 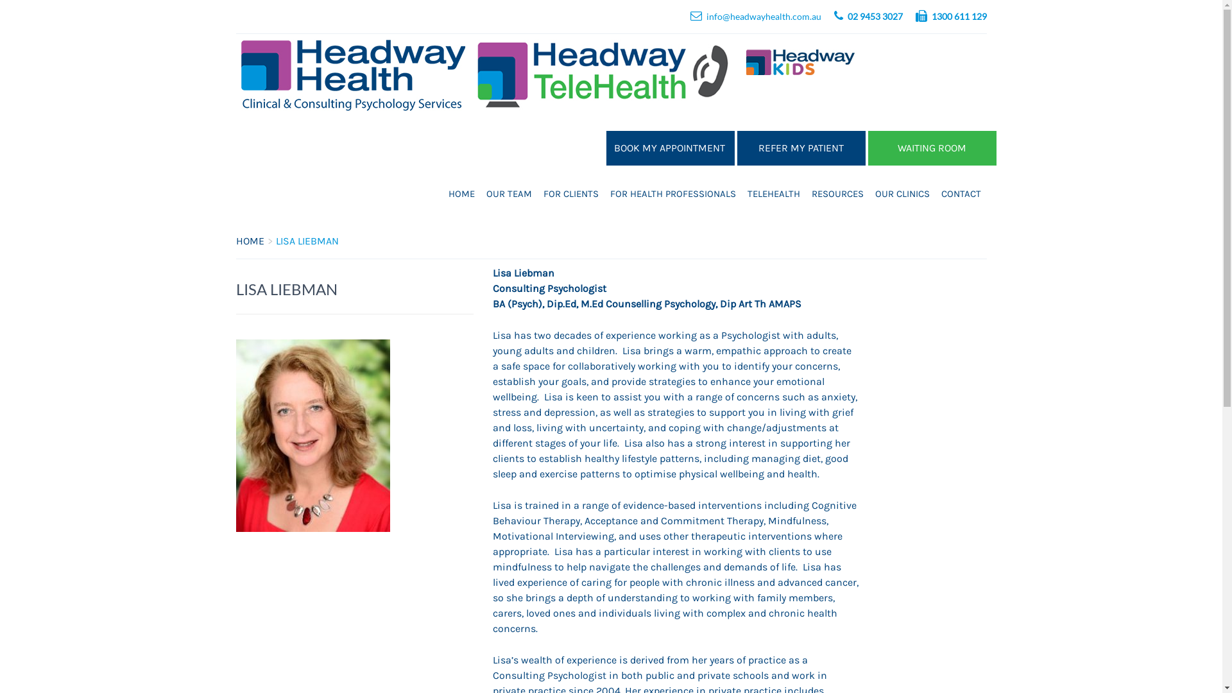 I want to click on 'REFER MY PATIENT', so click(x=800, y=148).